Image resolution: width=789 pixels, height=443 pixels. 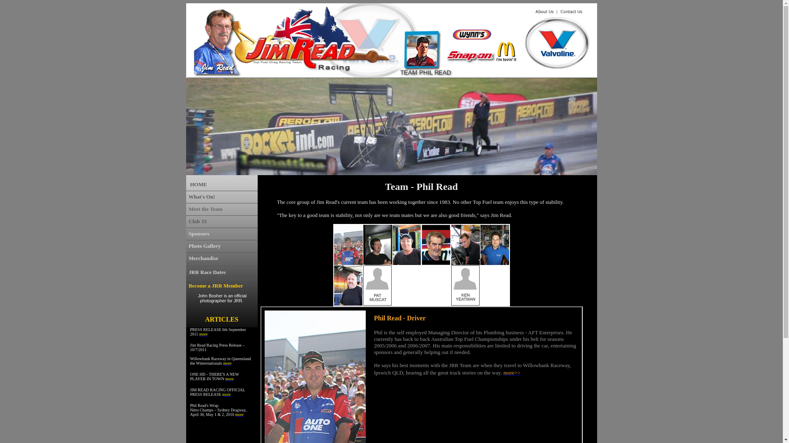 I want to click on 'Meet the Team', so click(x=205, y=208).